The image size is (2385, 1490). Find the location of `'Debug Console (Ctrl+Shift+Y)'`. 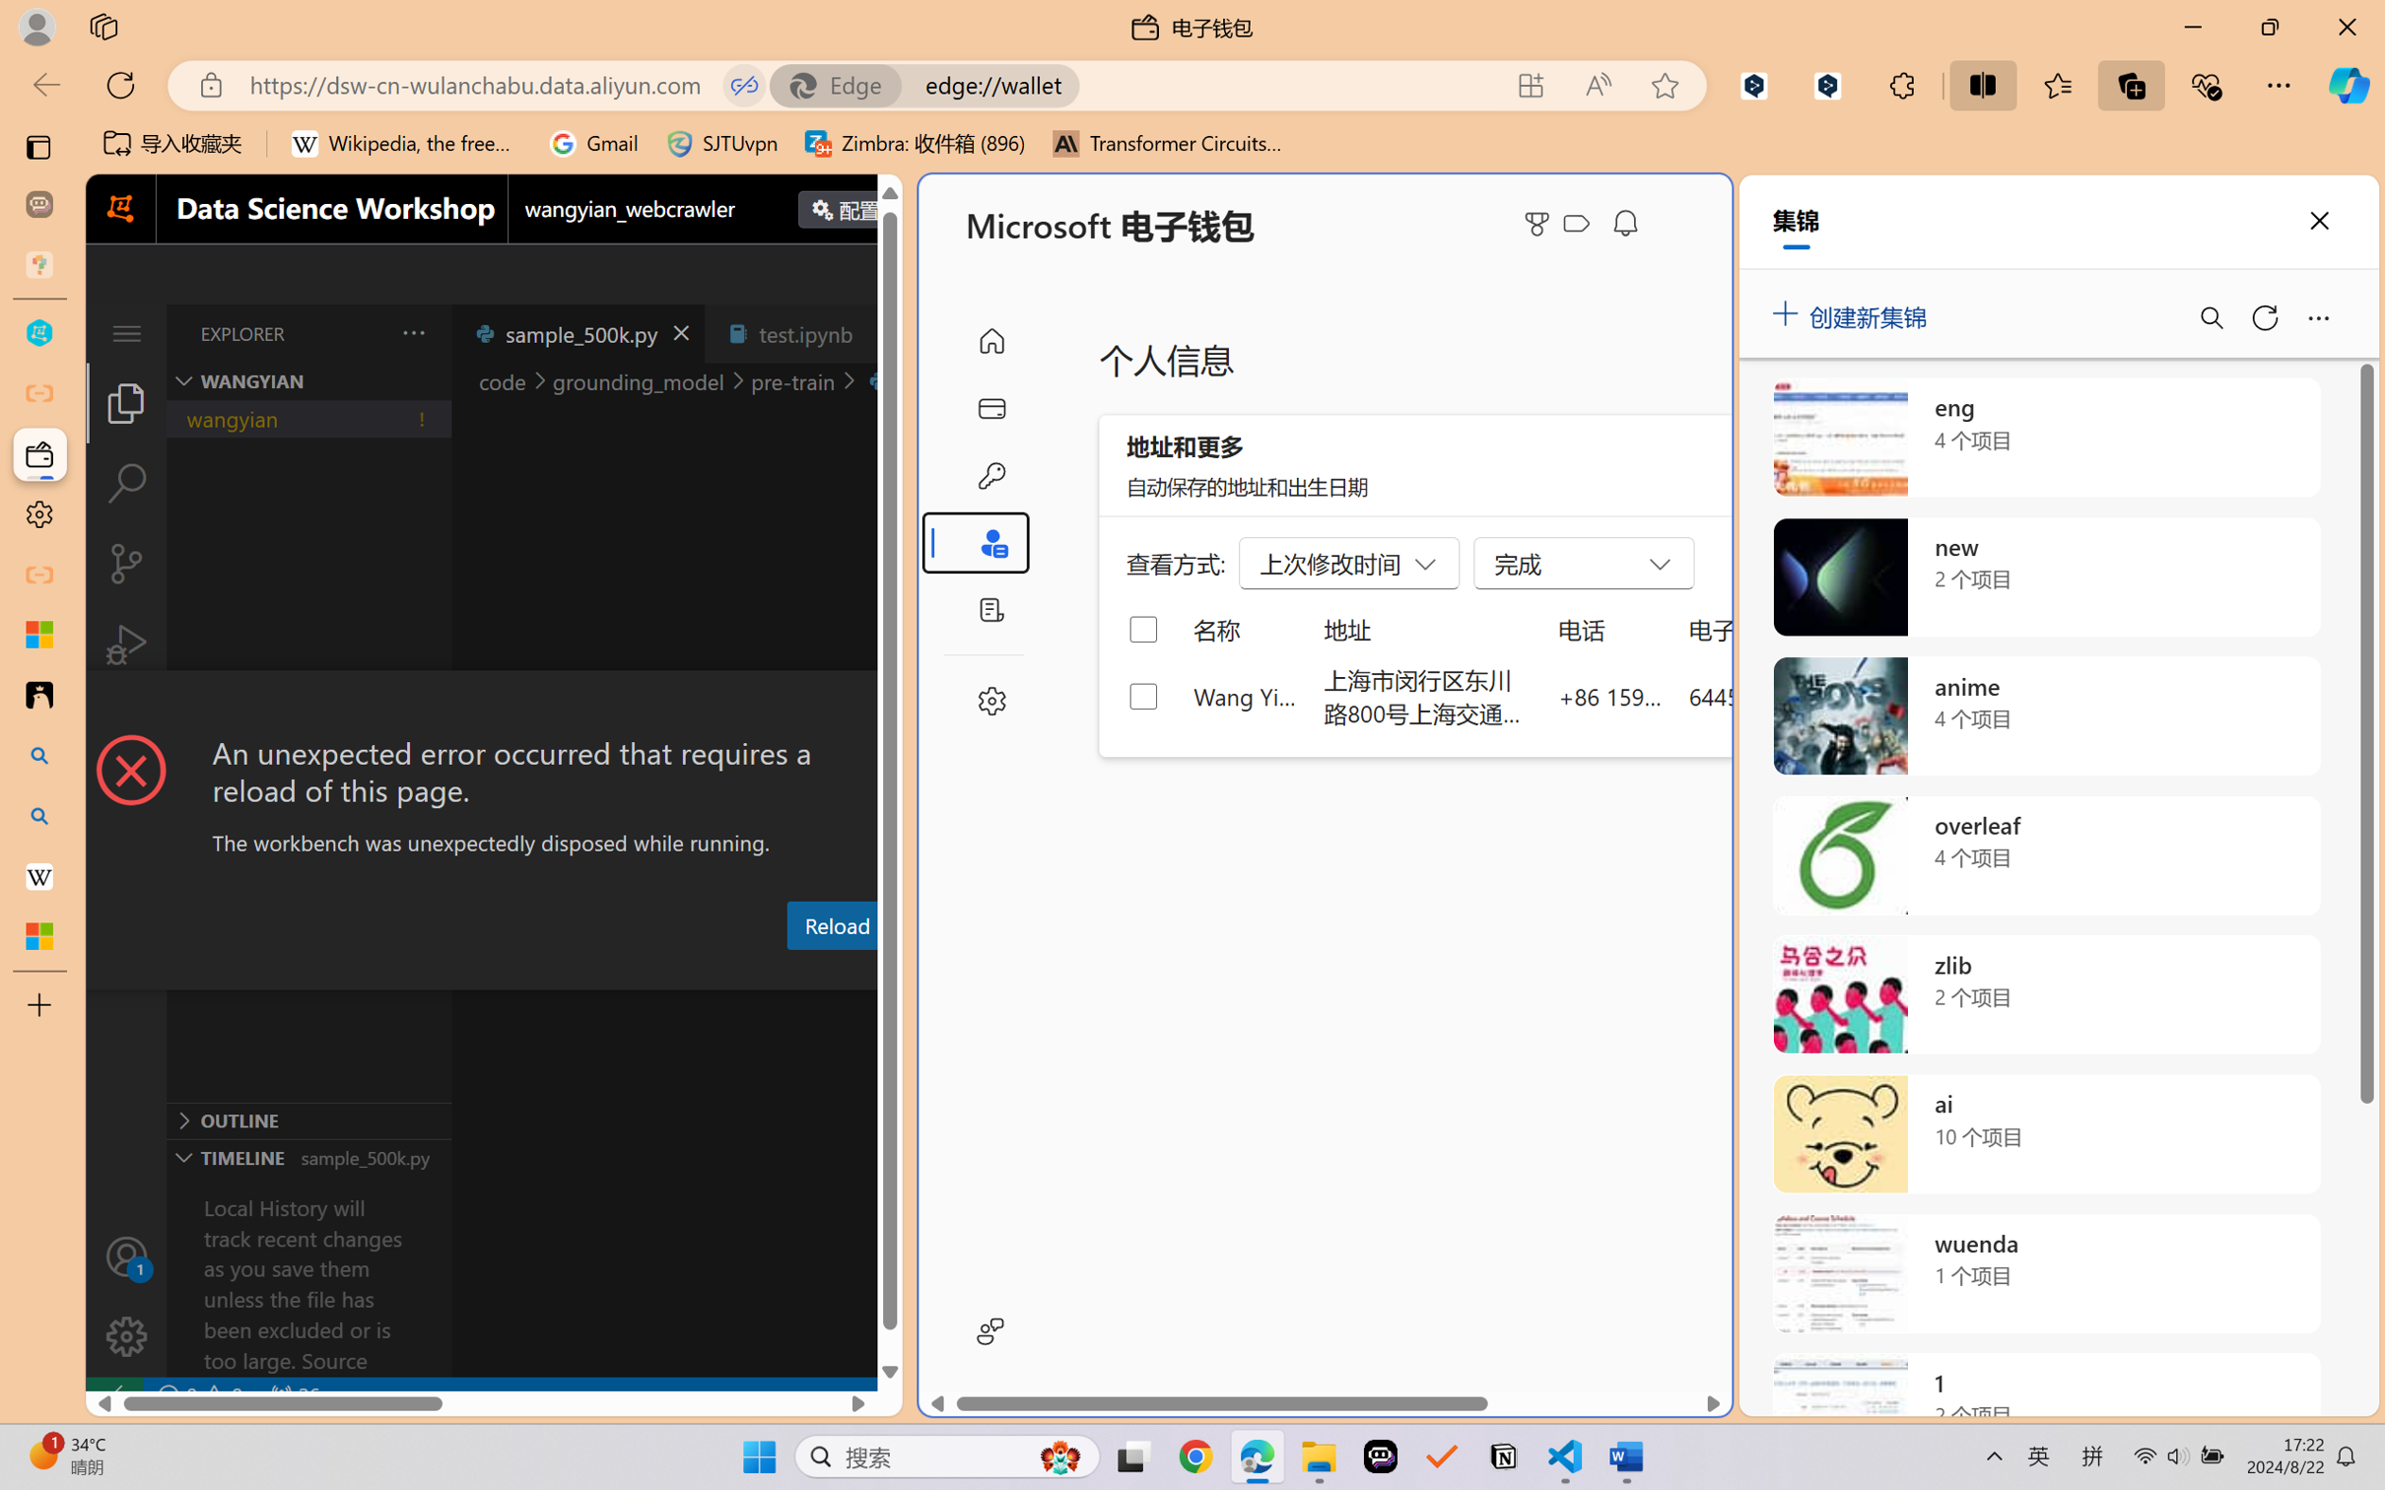

'Debug Console (Ctrl+Shift+Y)' is located at coordinates (795, 972).